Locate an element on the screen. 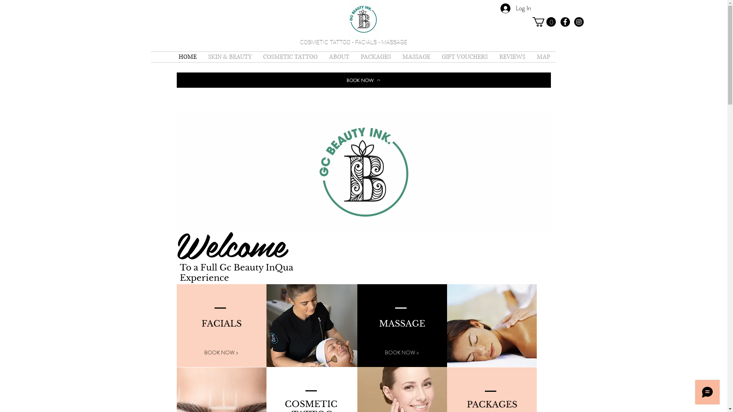 Image resolution: width=733 pixels, height=412 pixels. 'REVIEWS' is located at coordinates (512, 56).